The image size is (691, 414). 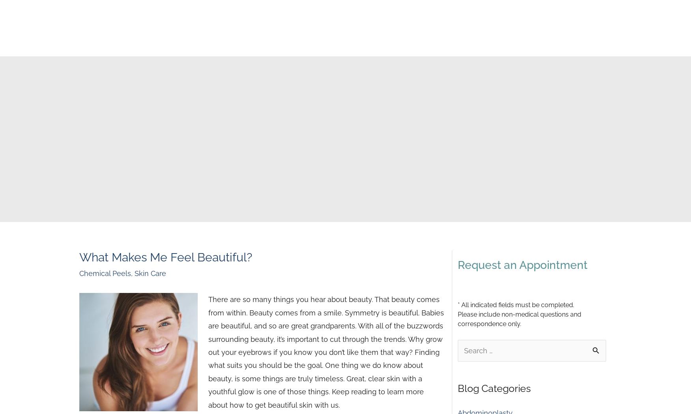 What do you see at coordinates (473, 227) in the screenshot?
I see `'June 2011'` at bounding box center [473, 227].